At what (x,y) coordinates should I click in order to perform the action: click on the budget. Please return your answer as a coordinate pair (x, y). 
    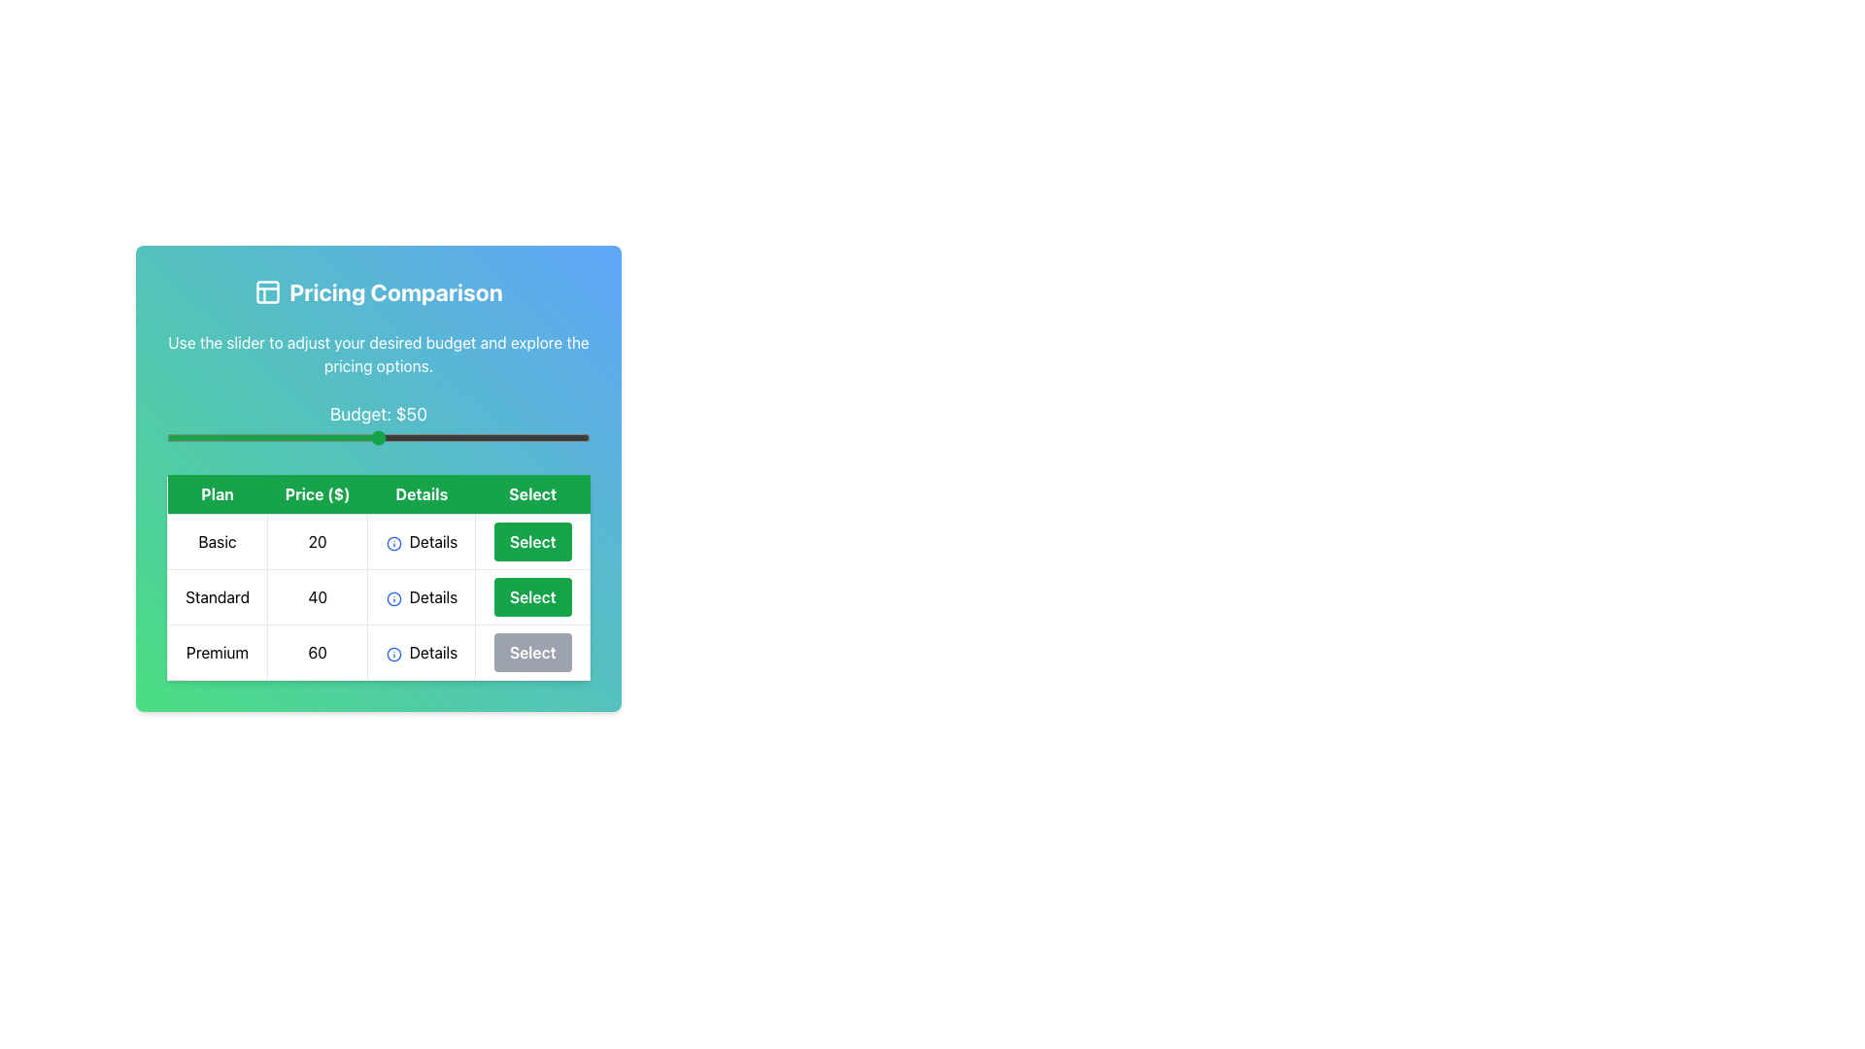
    Looking at the image, I should click on (450, 438).